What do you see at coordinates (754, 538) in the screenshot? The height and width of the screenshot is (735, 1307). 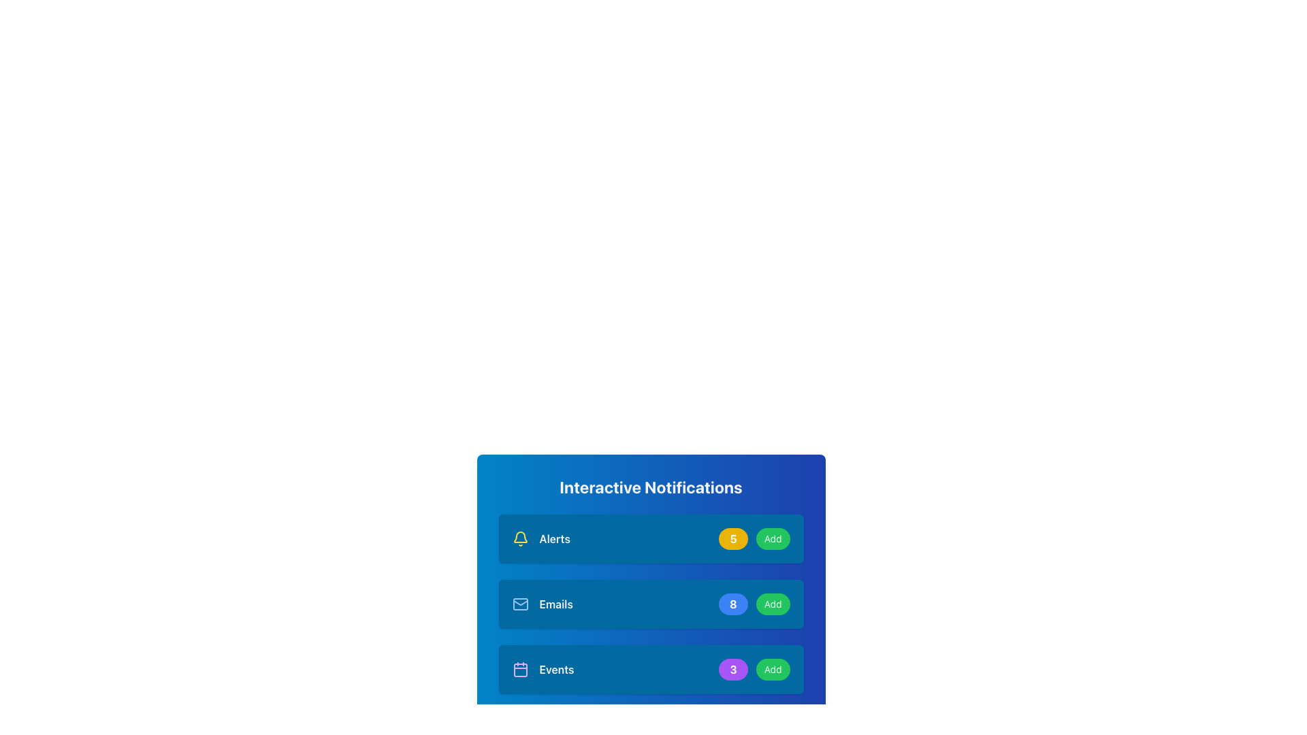 I see `badge displaying the number of current alerts ('5') in the Composite element located in the top section of the 'Interactive Notifications' interface` at bounding box center [754, 538].